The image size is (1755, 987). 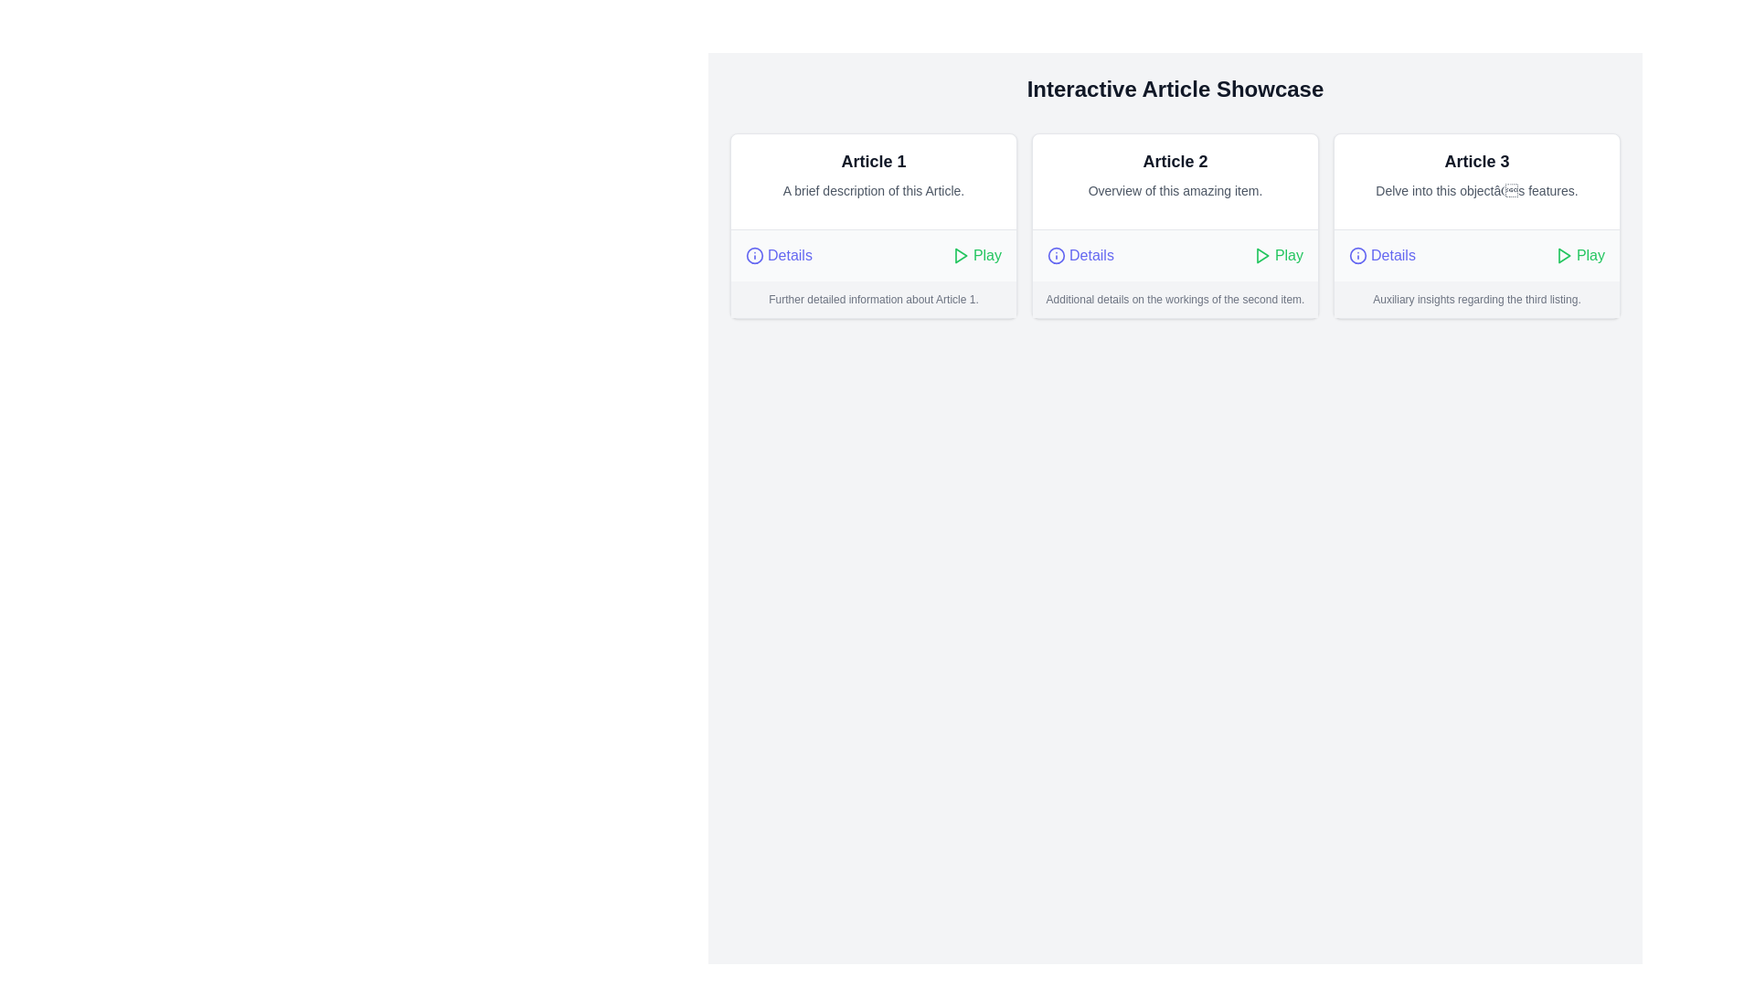 I want to click on the 'Details' text hyperlink located within the 'Article 1' card, so click(x=790, y=256).